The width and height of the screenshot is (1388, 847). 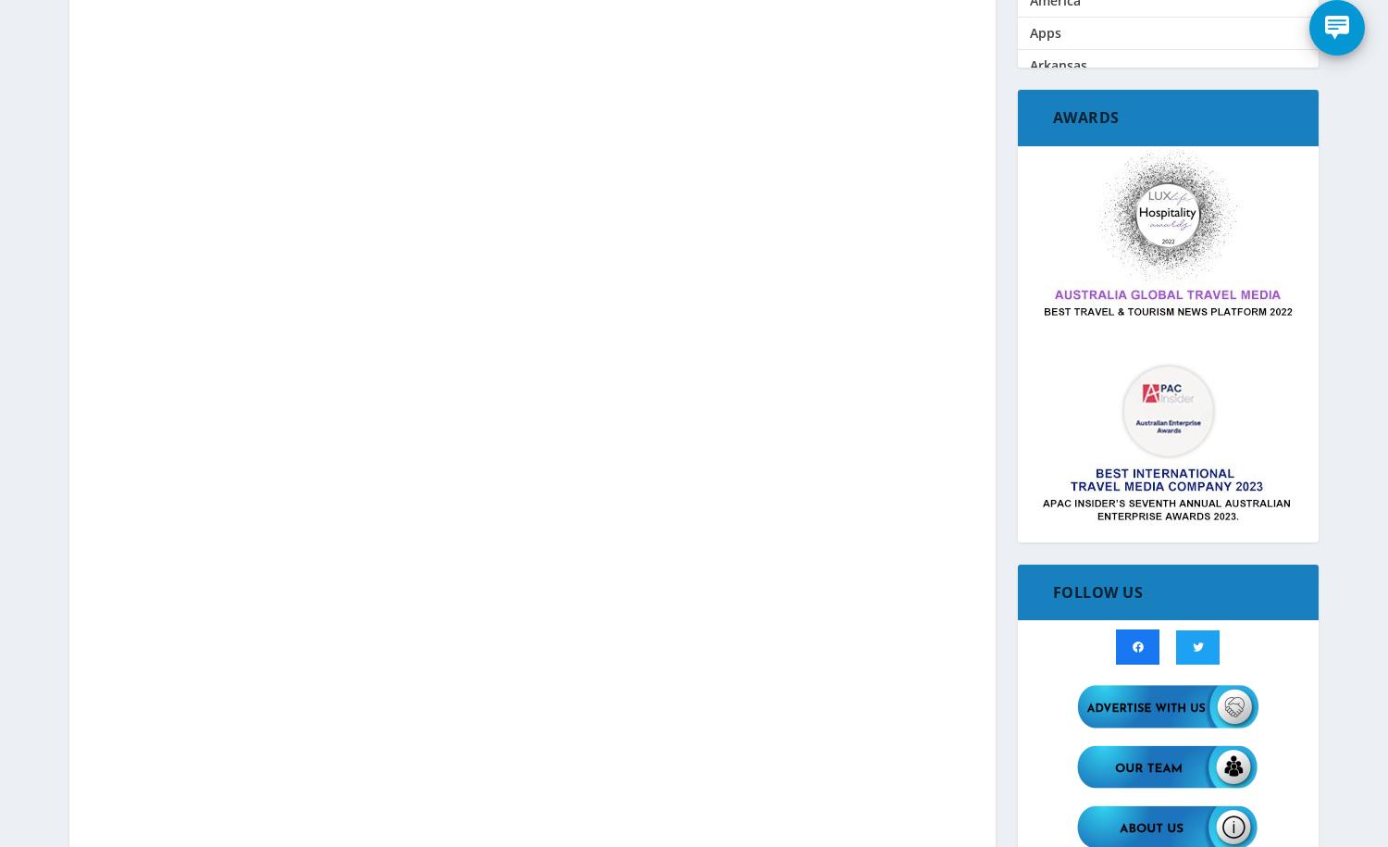 What do you see at coordinates (1027, 259) in the screenshot?
I see `'Black Friday / Cyber Monday Sales'` at bounding box center [1027, 259].